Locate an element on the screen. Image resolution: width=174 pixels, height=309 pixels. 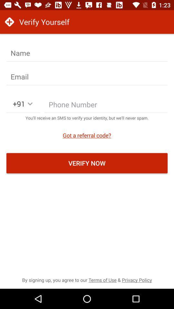
it is a verifing email adress is located at coordinates (87, 77).